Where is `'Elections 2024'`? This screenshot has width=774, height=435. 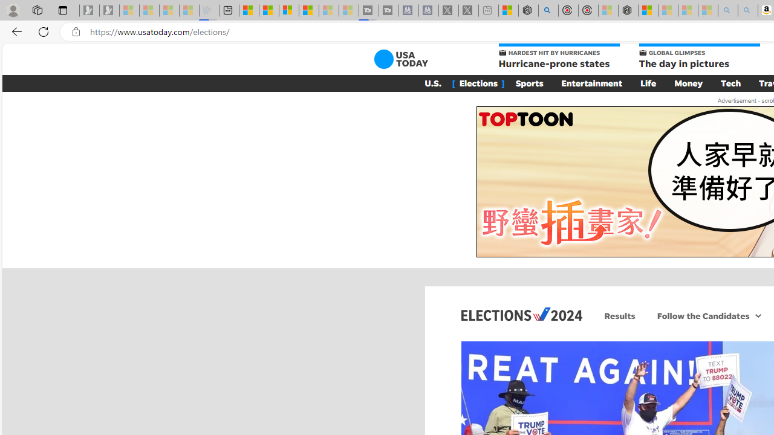
'Elections 2024' is located at coordinates (521, 313).